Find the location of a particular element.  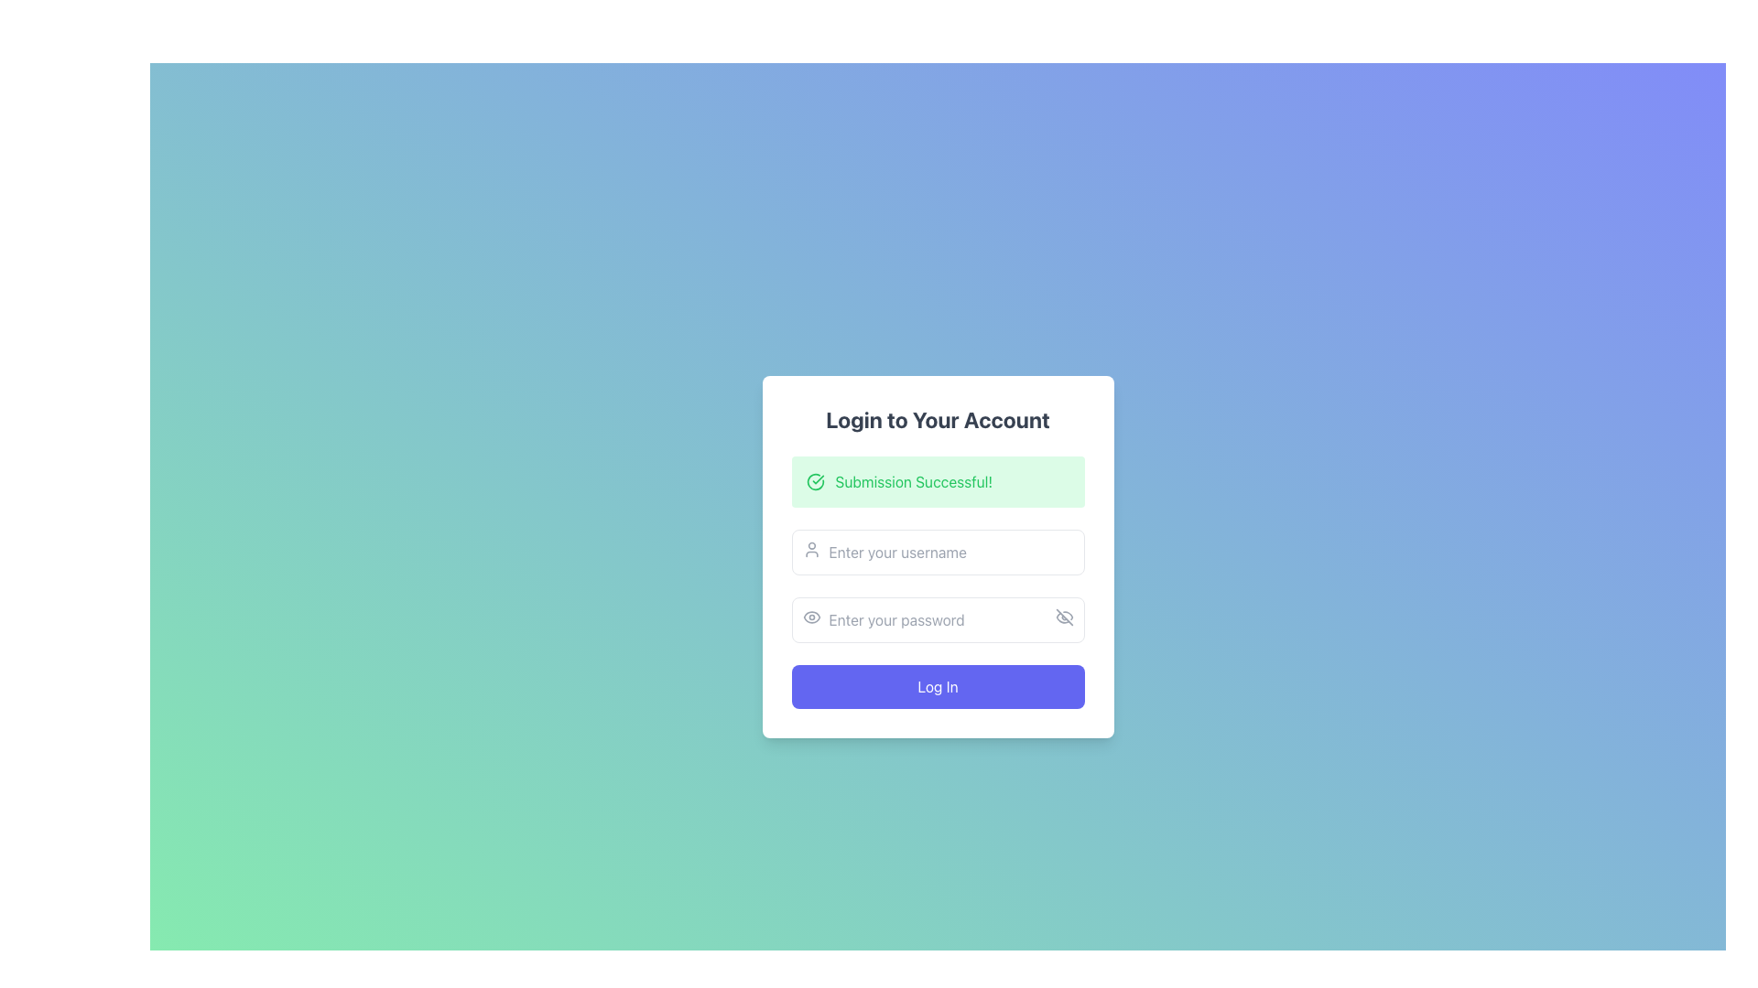

the username input box by tabbing through the login form fields is located at coordinates (938, 552).